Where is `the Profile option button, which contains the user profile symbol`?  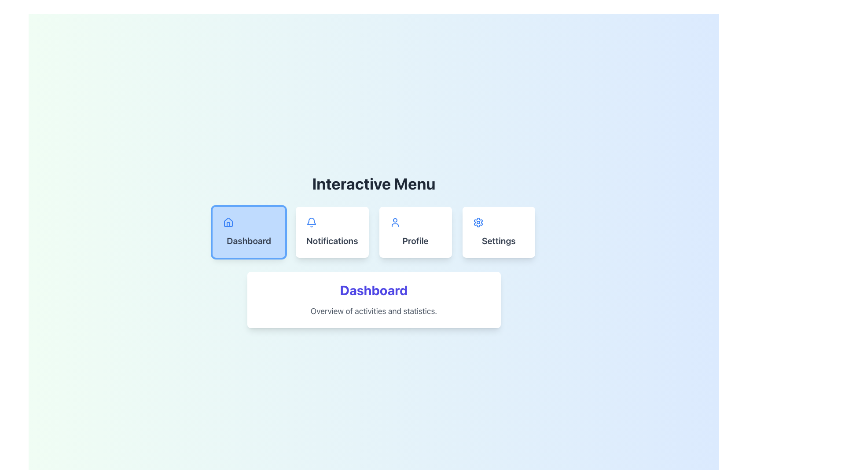
the Profile option button, which contains the user profile symbol is located at coordinates (415, 222).